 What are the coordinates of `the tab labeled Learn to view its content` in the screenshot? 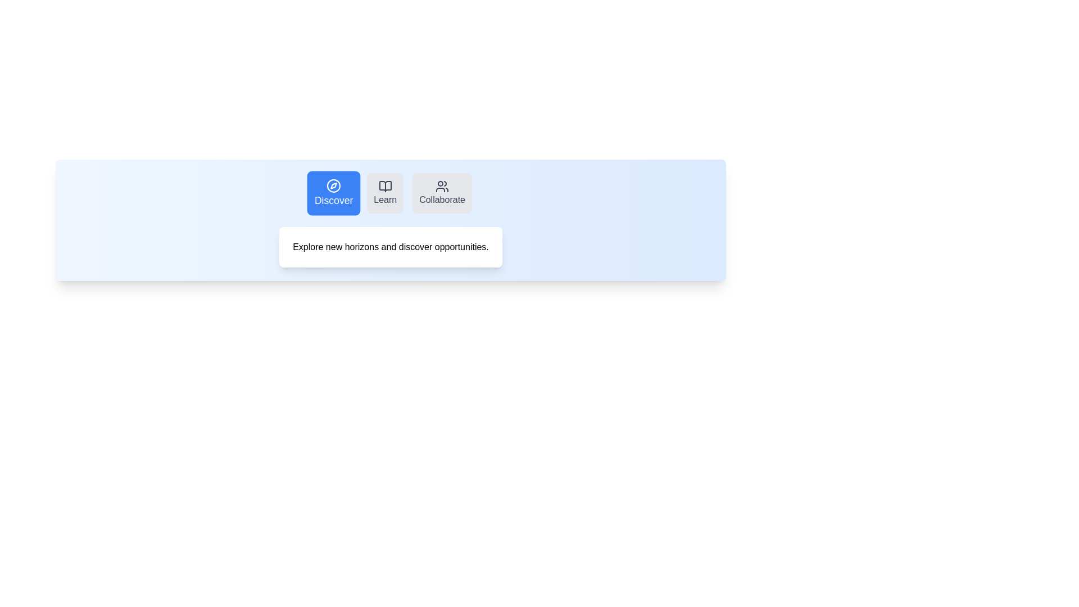 It's located at (385, 192).